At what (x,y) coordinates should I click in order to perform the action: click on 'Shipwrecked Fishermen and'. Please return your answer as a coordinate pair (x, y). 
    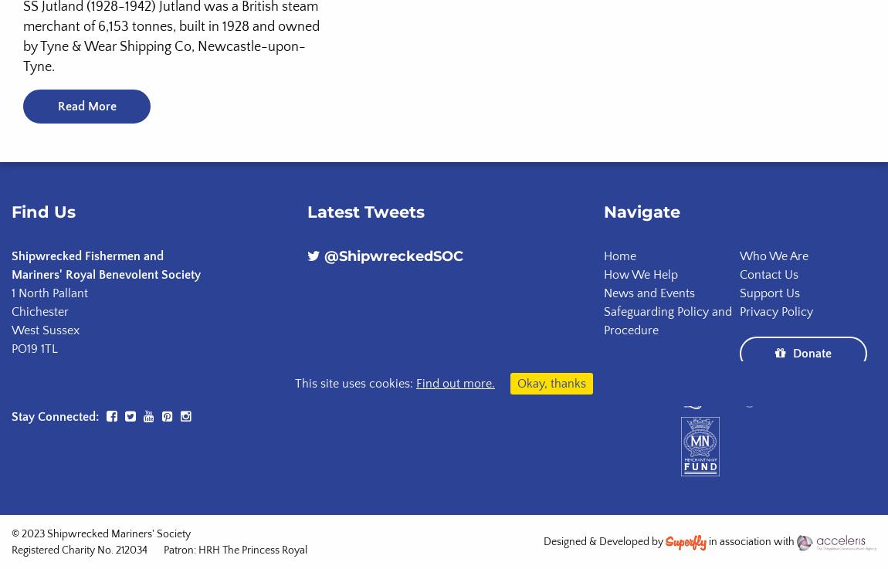
    Looking at the image, I should click on (86, 254).